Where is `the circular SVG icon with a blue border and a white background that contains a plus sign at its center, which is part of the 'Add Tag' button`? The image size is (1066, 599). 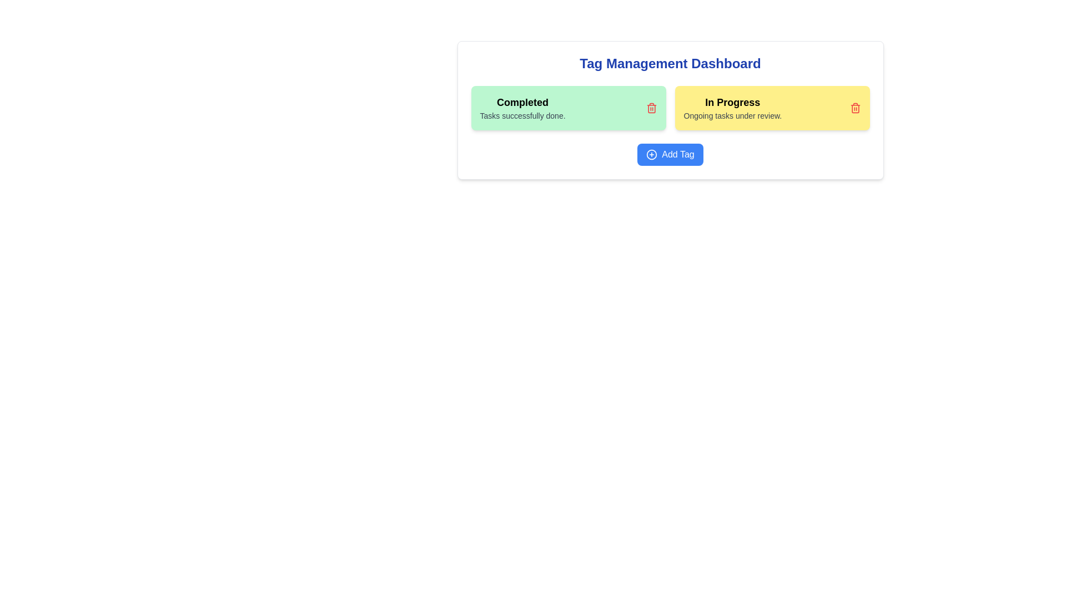 the circular SVG icon with a blue border and a white background that contains a plus sign at its center, which is part of the 'Add Tag' button is located at coordinates (652, 154).